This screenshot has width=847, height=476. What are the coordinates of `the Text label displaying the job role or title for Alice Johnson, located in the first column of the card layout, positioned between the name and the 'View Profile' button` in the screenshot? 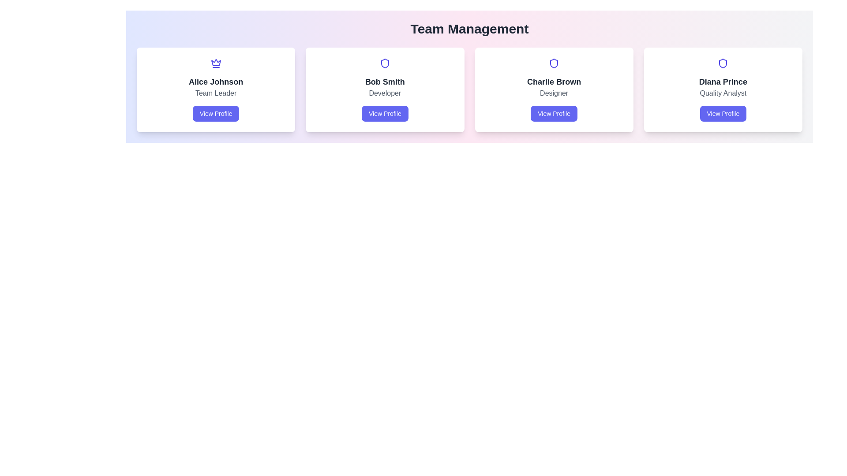 It's located at (216, 93).